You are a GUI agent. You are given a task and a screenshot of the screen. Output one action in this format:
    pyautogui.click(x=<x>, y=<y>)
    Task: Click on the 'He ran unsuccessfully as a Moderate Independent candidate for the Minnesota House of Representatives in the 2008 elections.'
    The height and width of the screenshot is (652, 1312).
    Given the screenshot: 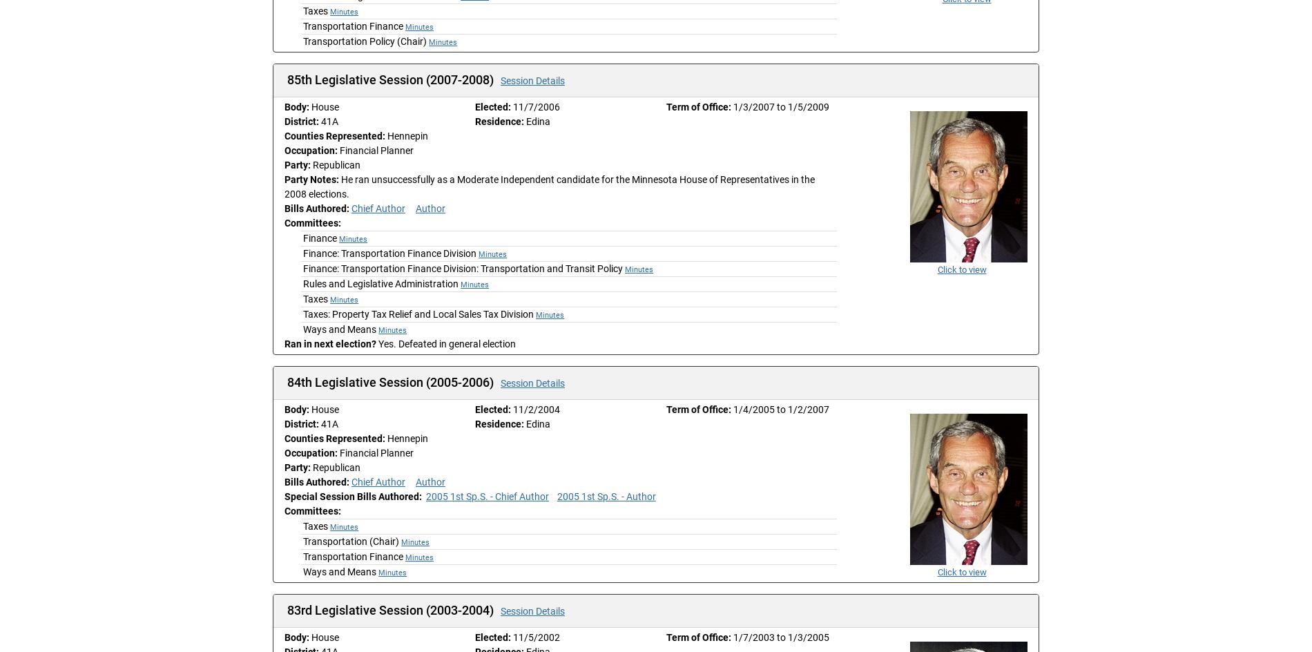 What is the action you would take?
    pyautogui.click(x=548, y=186)
    